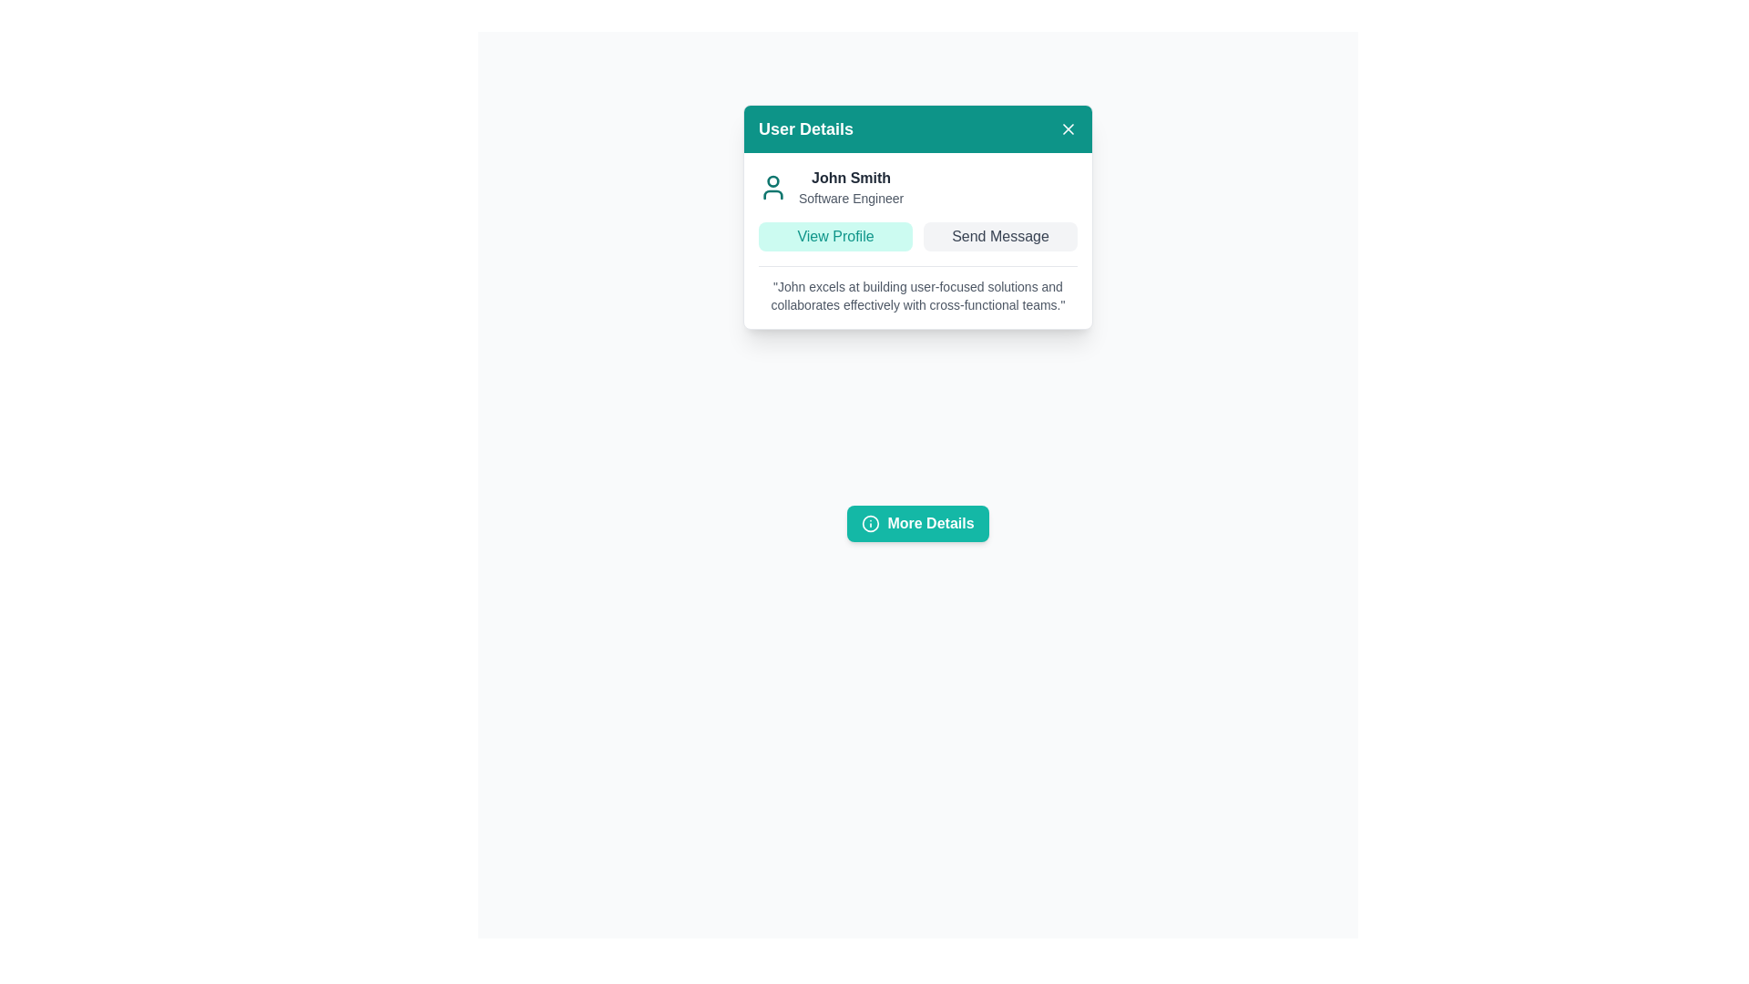 The width and height of the screenshot is (1749, 984). I want to click on the profile details button, which is the first button among two horizontally aligned buttons, located immediately to the left of the 'Send Message' button, so click(834, 235).